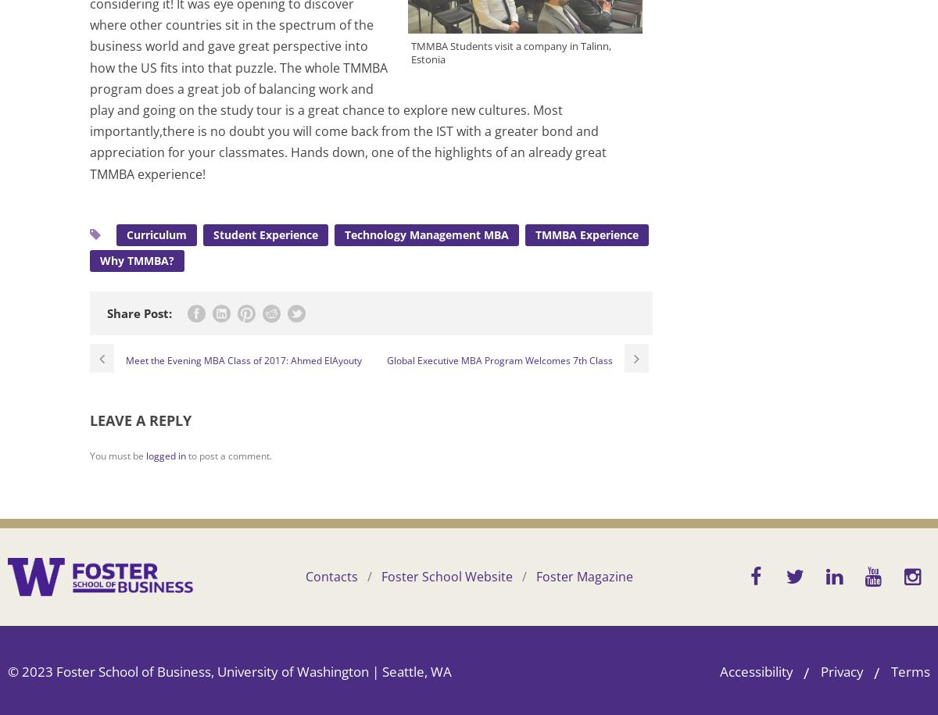 Image resolution: width=938 pixels, height=715 pixels. Describe the element at coordinates (909, 671) in the screenshot. I see `'Terms'` at that location.